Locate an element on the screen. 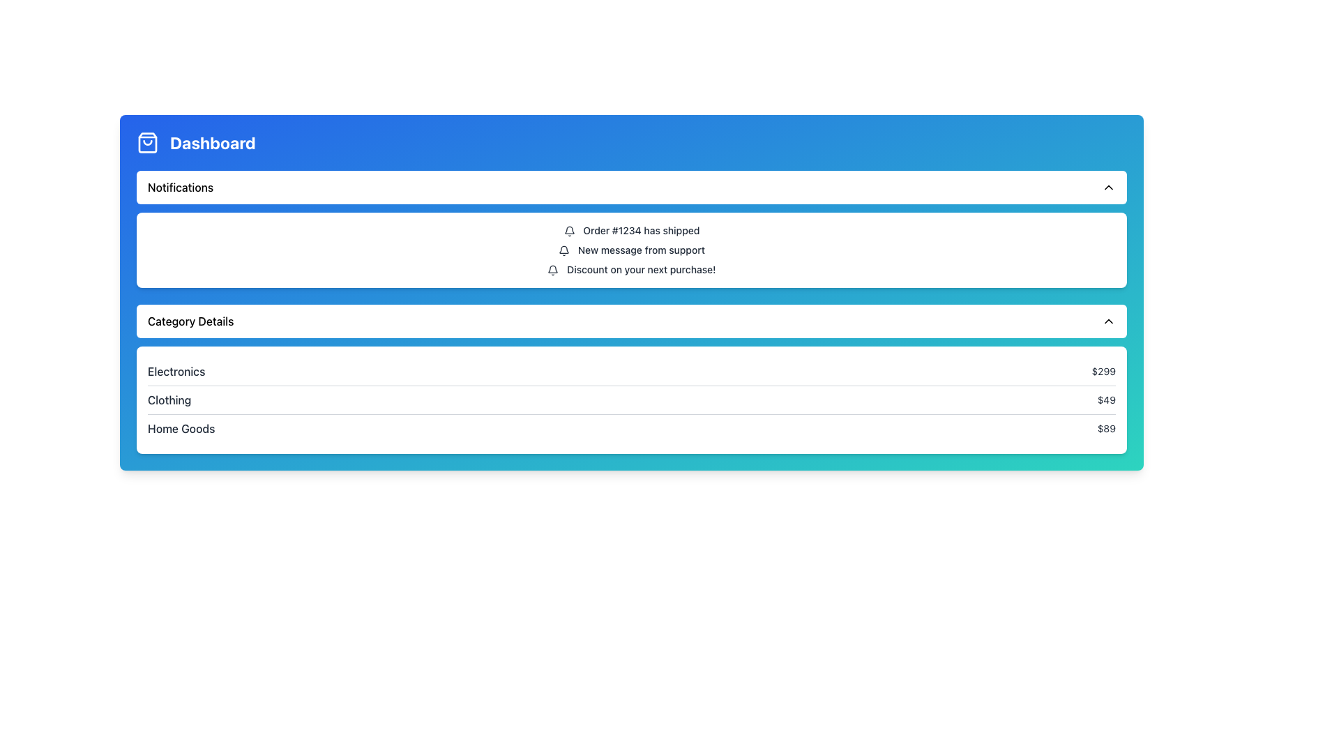 The image size is (1339, 753). the 'Electronics' category label in the 'Category Details' section, which is positioned to the left of the price '$299' is located at coordinates (176, 370).